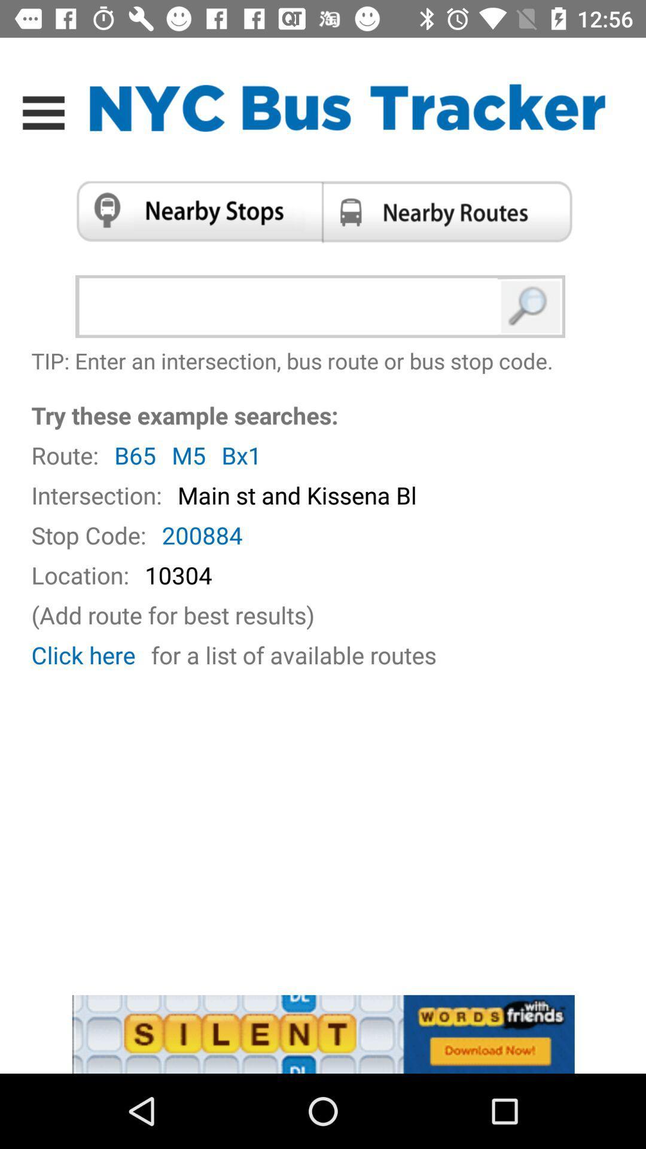 Image resolution: width=646 pixels, height=1149 pixels. What do you see at coordinates (531, 306) in the screenshot?
I see `the search icon` at bounding box center [531, 306].